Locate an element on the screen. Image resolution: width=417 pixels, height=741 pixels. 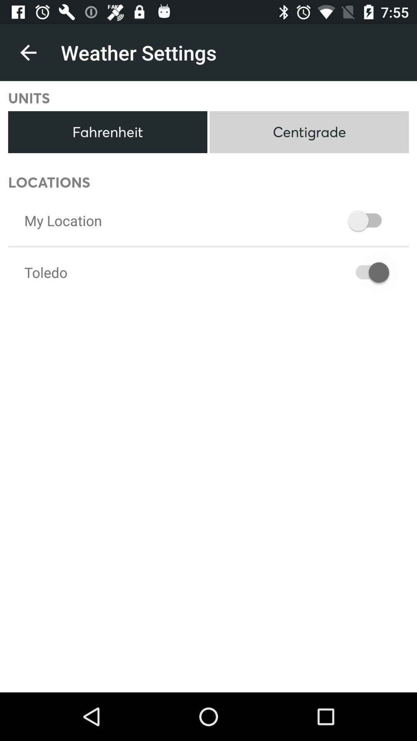
the icon next to centigrade icon is located at coordinates (107, 132).